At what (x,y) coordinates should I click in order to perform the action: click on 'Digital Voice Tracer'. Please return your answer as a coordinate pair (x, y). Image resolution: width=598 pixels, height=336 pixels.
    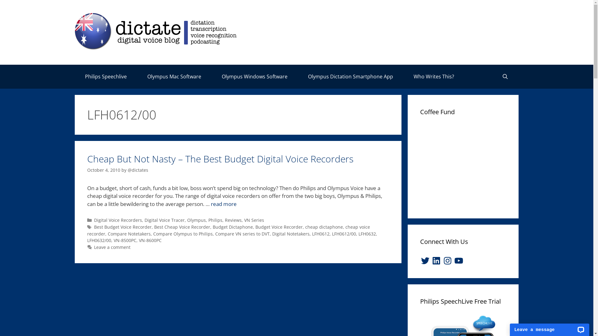
    Looking at the image, I should click on (164, 220).